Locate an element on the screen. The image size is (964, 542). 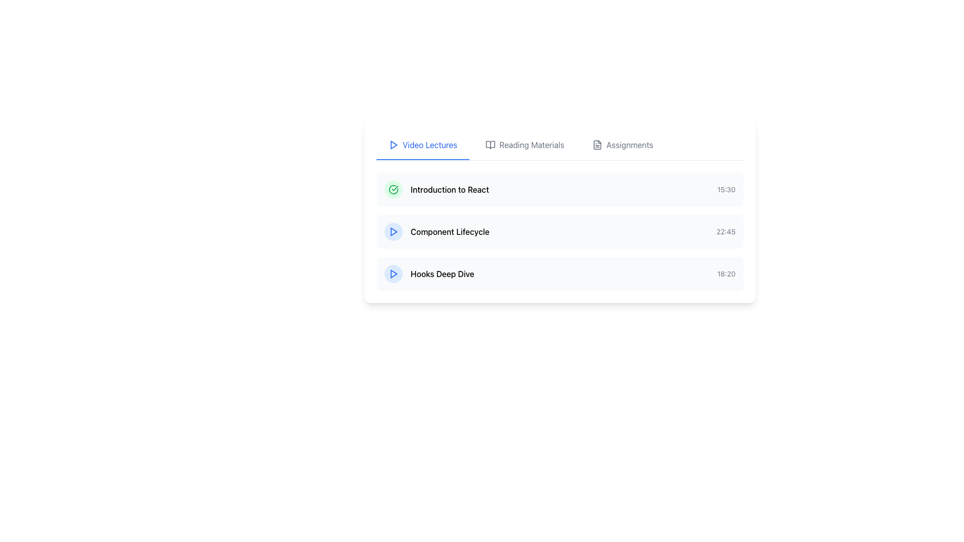
the completion icon located to the left of the 'Introduction to React' text in the educational items list is located at coordinates (393, 190).